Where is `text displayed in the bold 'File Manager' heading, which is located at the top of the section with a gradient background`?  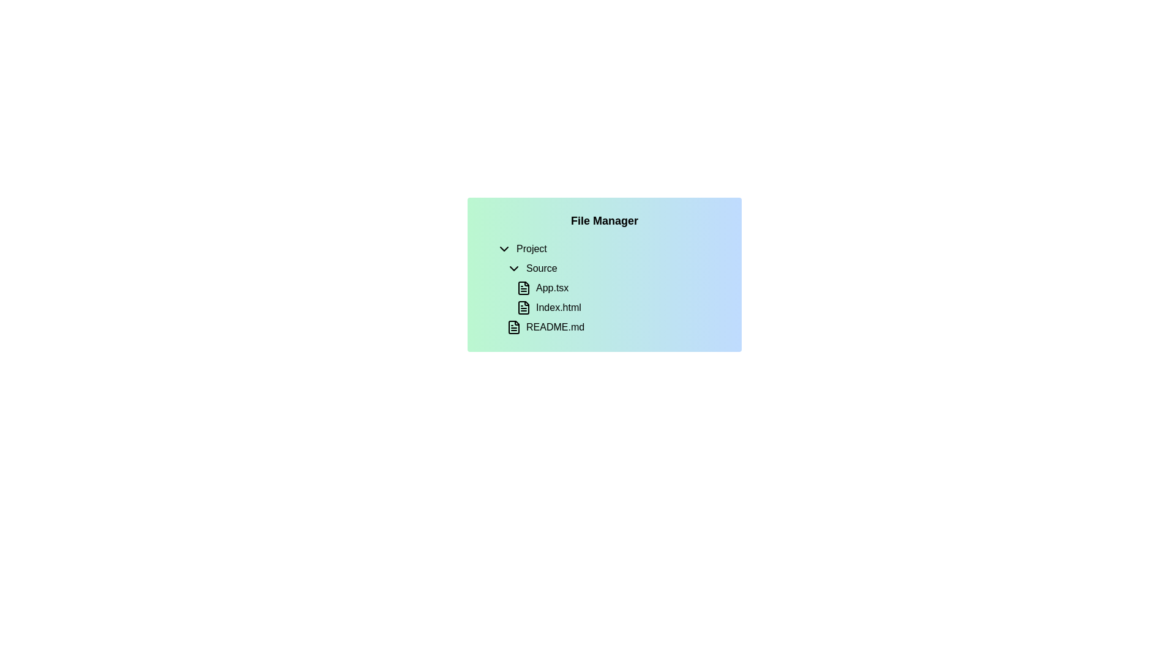 text displayed in the bold 'File Manager' heading, which is located at the top of the section with a gradient background is located at coordinates (605, 221).